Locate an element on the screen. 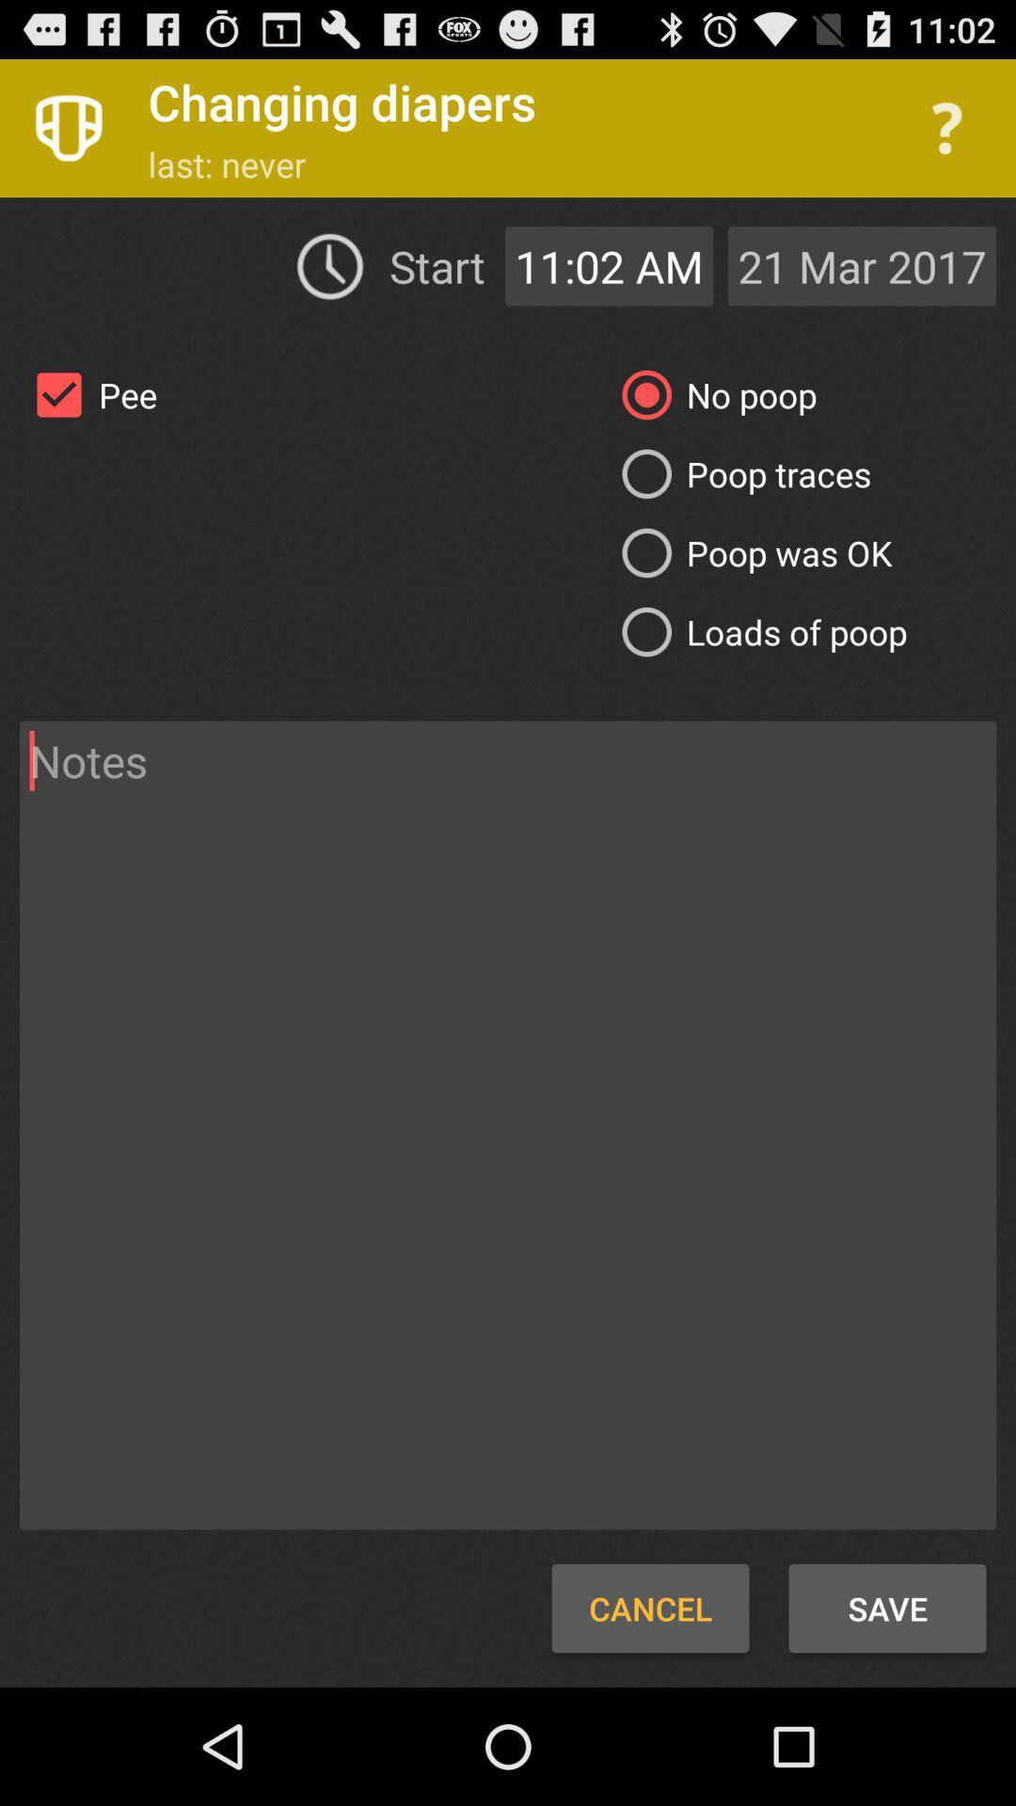 The width and height of the screenshot is (1016, 1806). the icon above the poop traces item is located at coordinates (712, 394).